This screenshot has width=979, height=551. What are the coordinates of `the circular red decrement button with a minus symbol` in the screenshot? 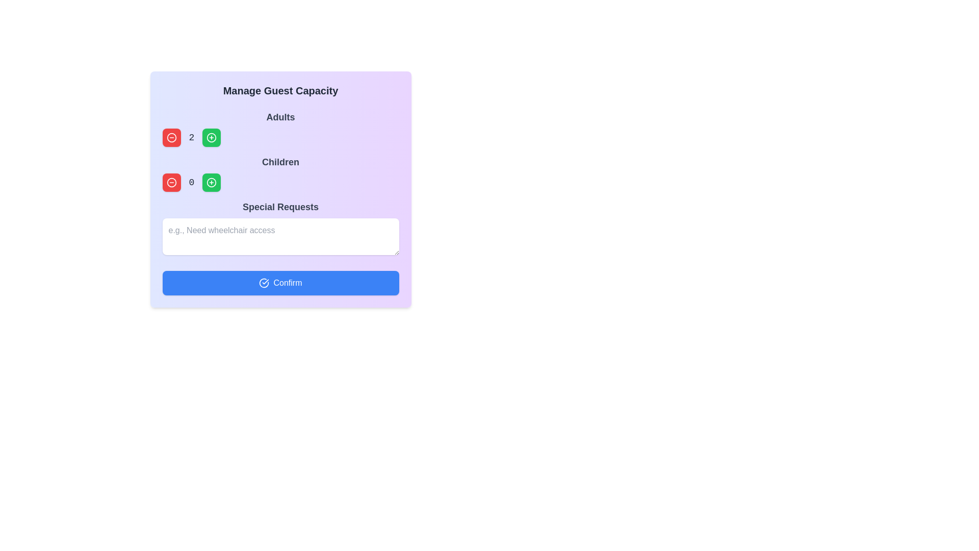 It's located at (171, 182).